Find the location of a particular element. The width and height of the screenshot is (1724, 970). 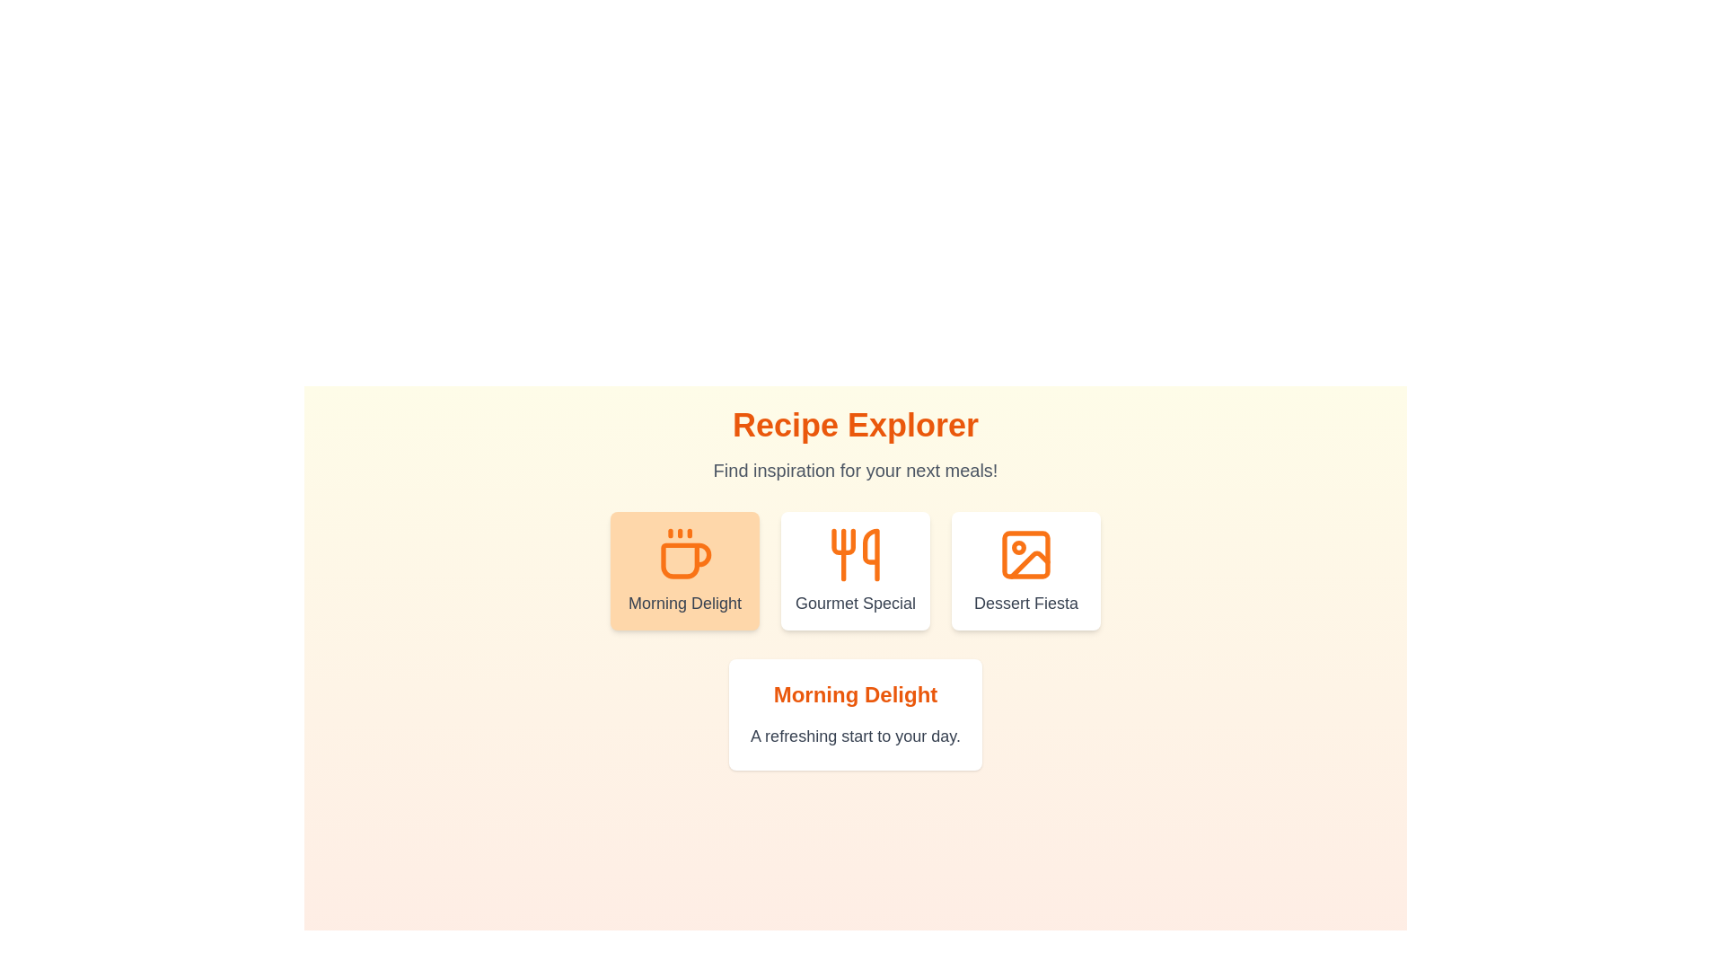

the text label displaying 'Find inspiration for your next meals!' which is centrally located below the title 'Recipe Explorer' is located at coordinates (855, 470).